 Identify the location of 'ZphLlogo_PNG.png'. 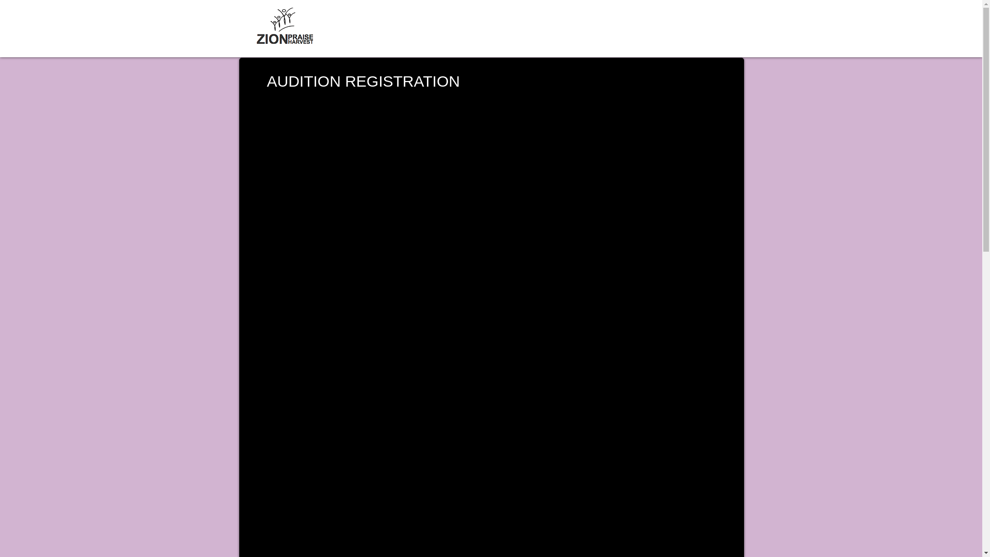
(285, 25).